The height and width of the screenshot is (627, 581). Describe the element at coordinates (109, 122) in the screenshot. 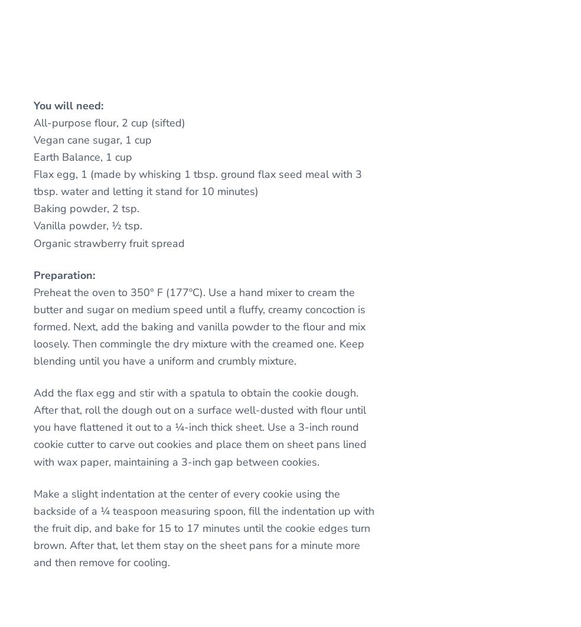

I see `'All-purpose flour, 2 cup (sifted)'` at that location.